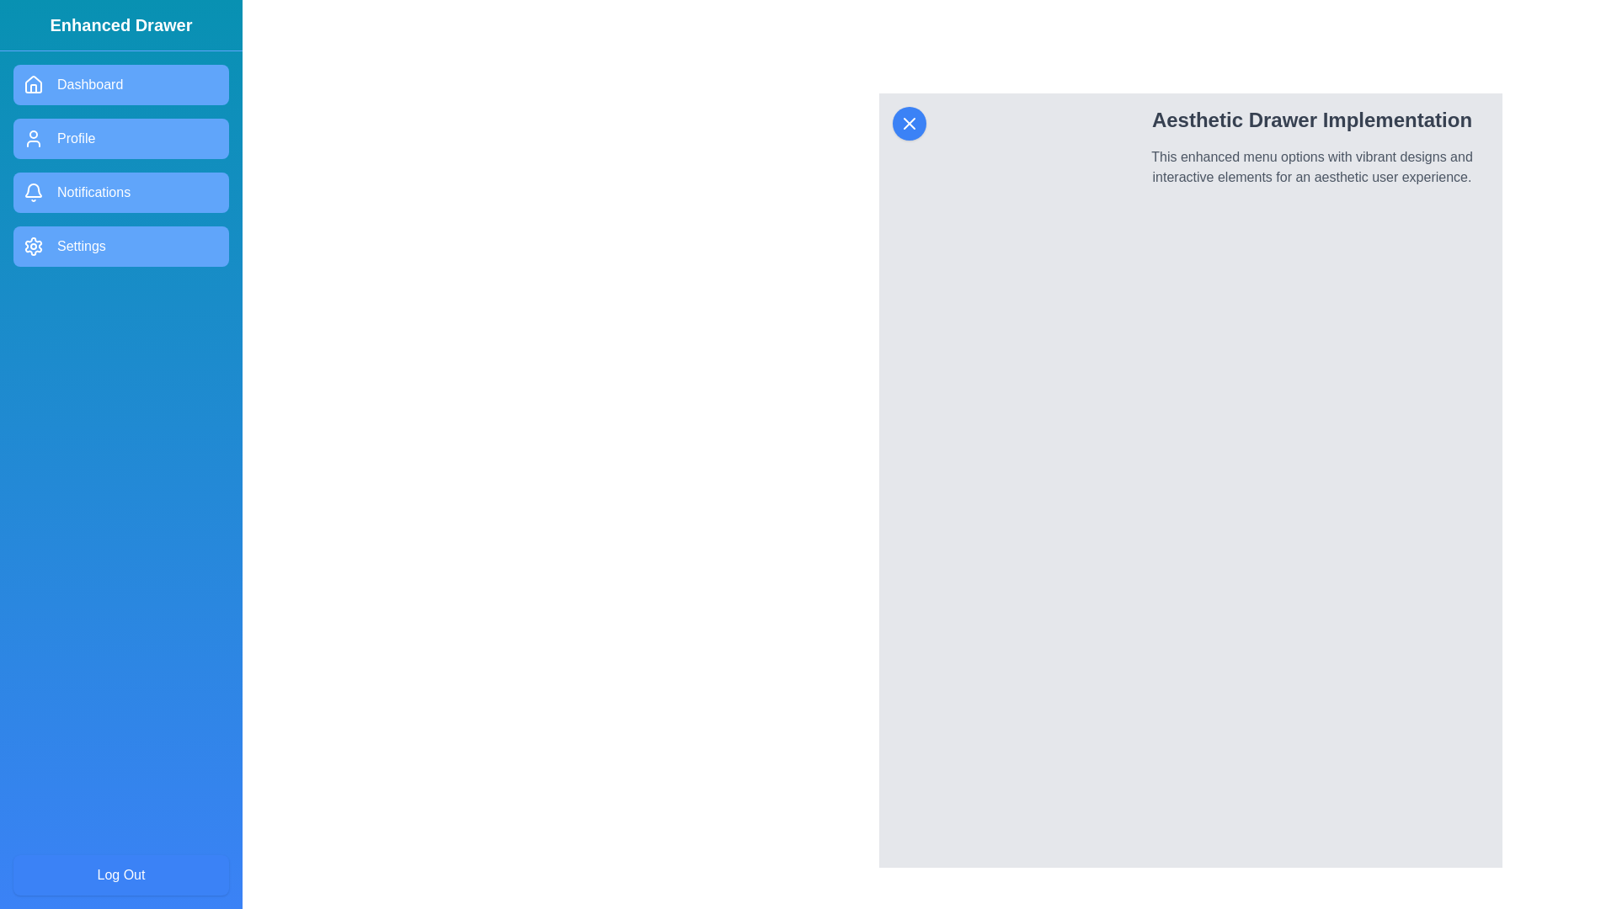 The image size is (1617, 909). I want to click on the circular blue button with a white 'X' icon, so click(909, 122).